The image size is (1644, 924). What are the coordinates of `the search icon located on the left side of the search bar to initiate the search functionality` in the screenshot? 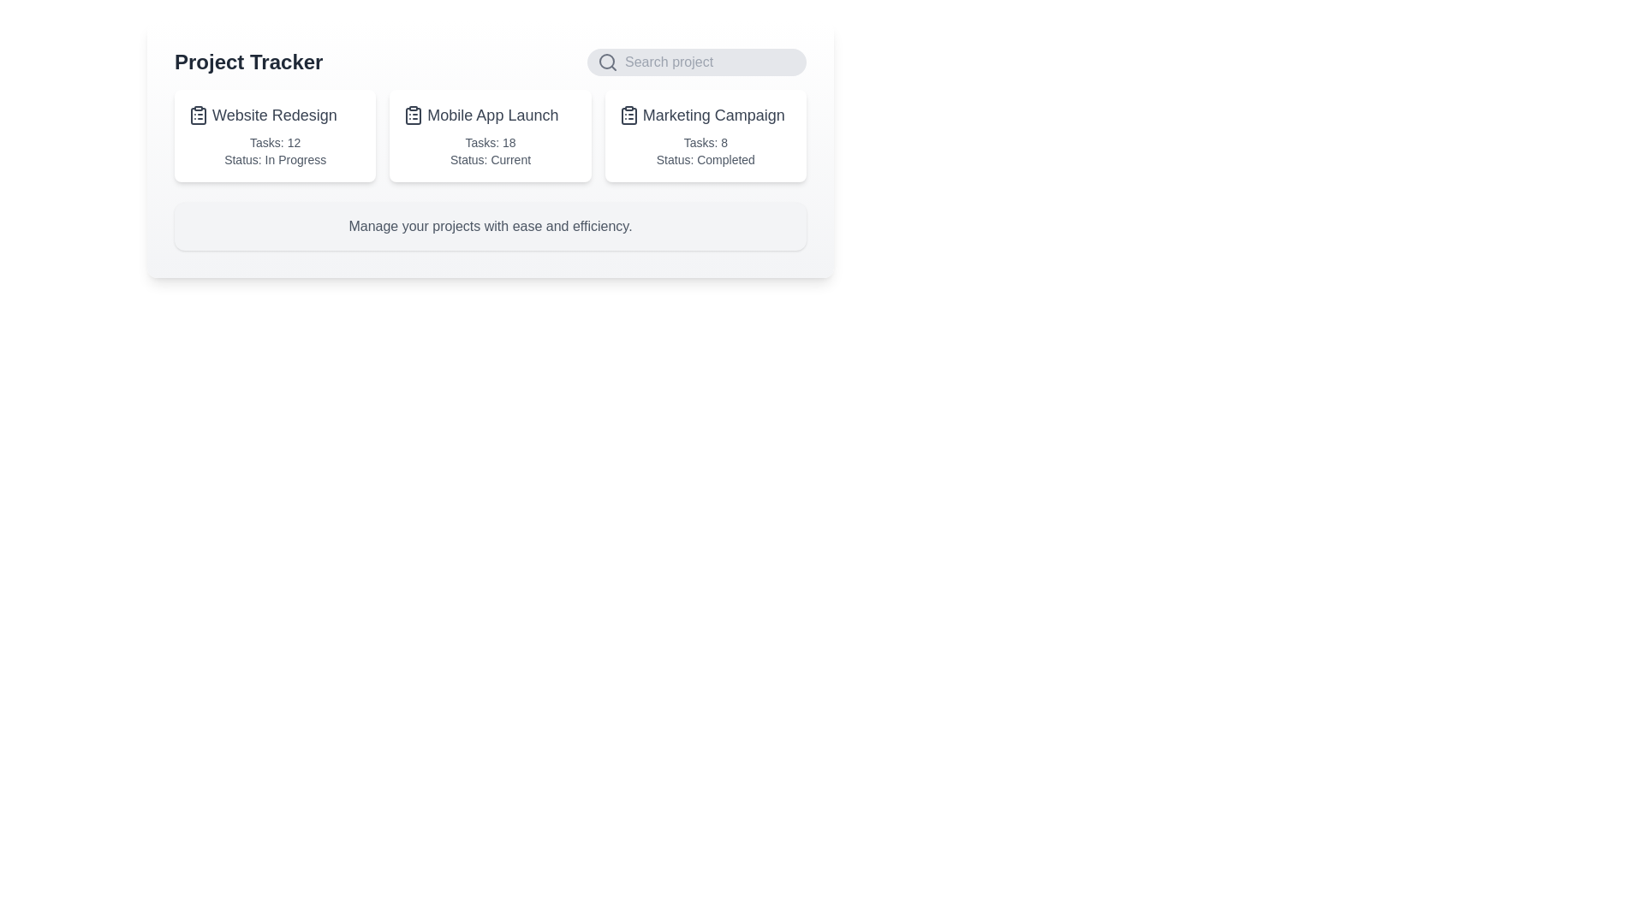 It's located at (608, 62).